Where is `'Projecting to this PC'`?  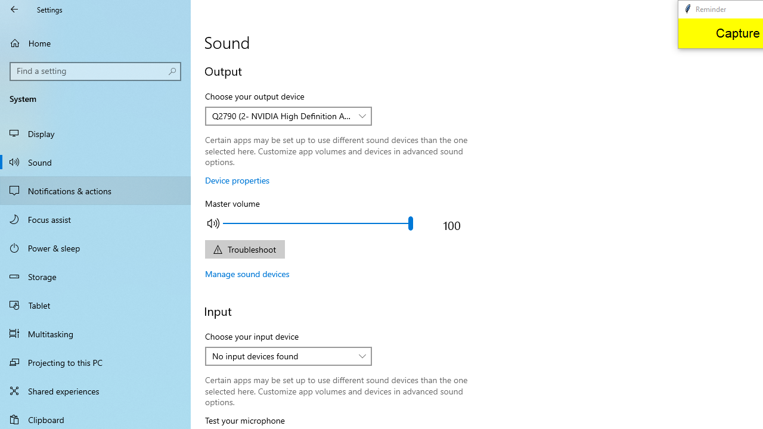
'Projecting to this PC' is located at coordinates (95, 362).